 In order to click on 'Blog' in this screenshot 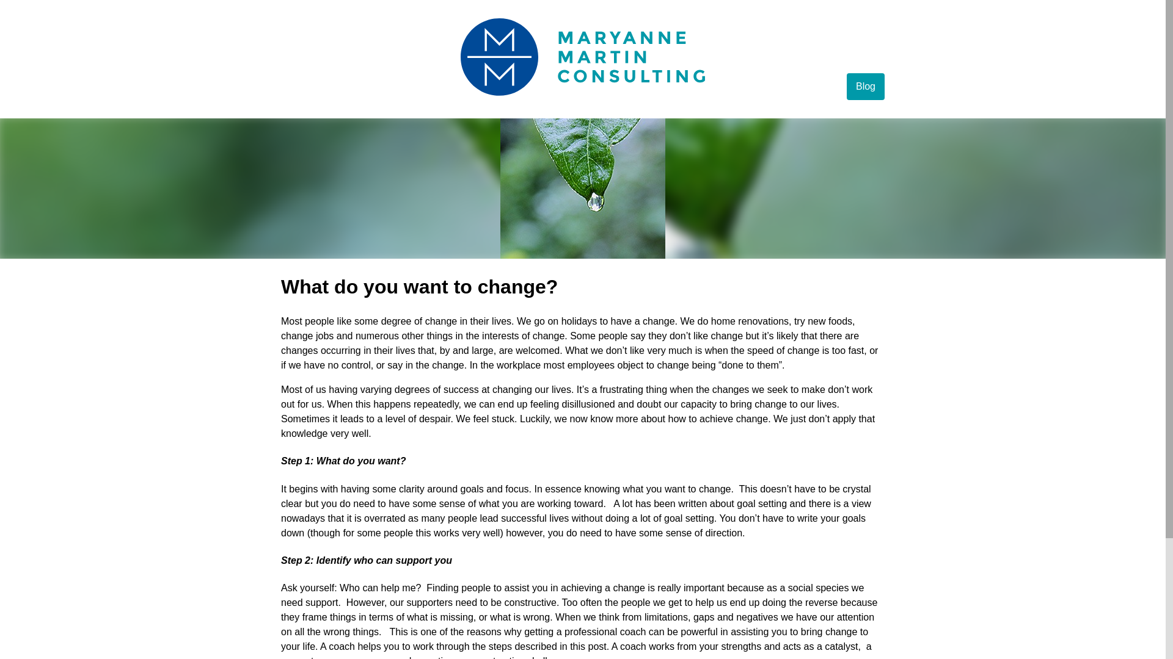, I will do `click(864, 86)`.